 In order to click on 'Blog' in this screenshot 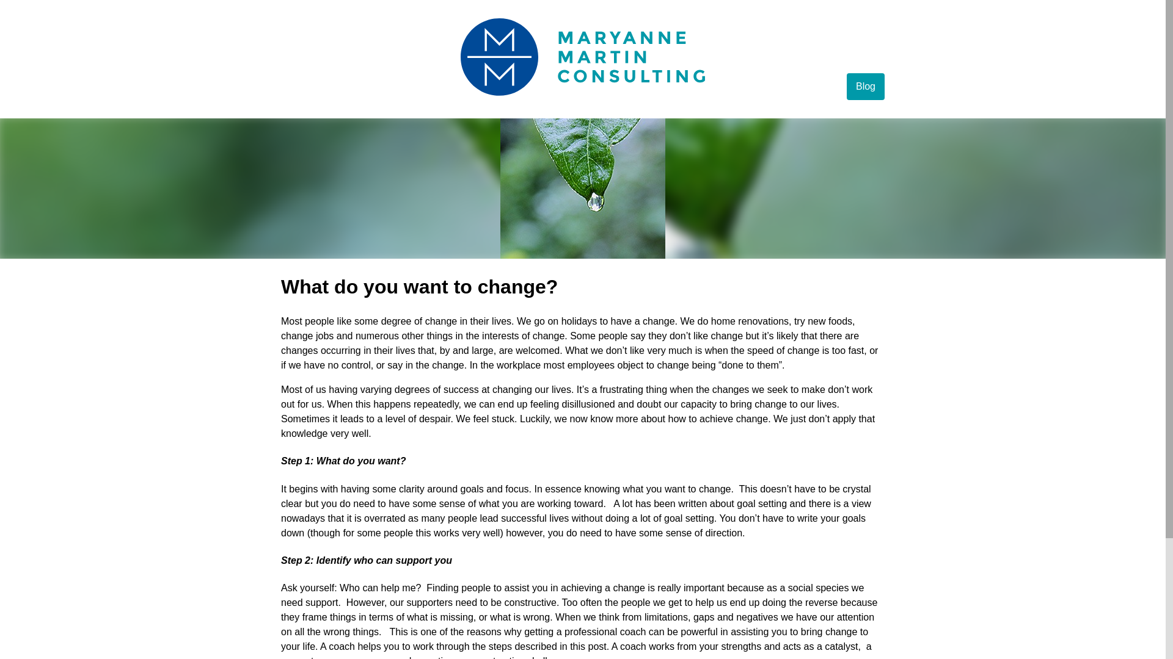, I will do `click(864, 86)`.